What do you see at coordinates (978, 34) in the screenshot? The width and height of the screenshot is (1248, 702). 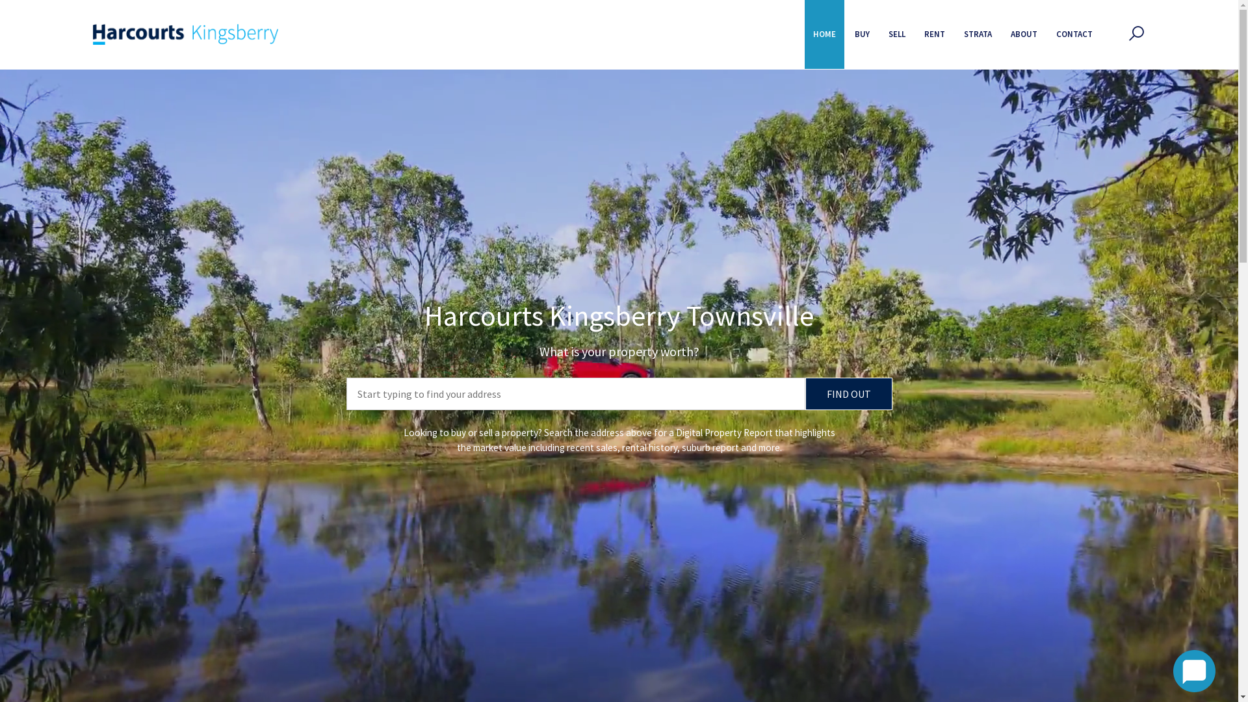 I see `'STRATA'` at bounding box center [978, 34].